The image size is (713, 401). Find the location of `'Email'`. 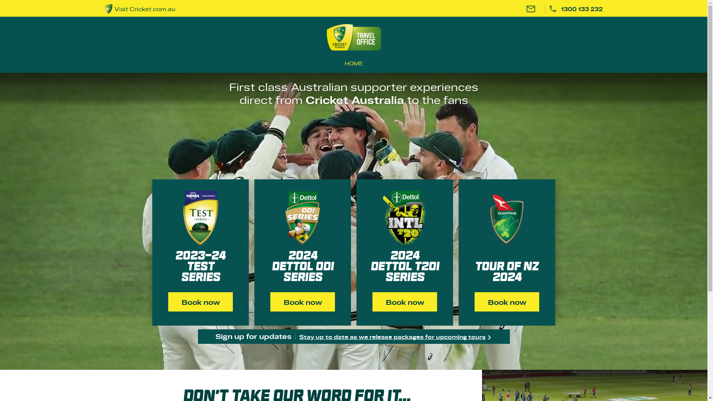

'Email' is located at coordinates (531, 9).